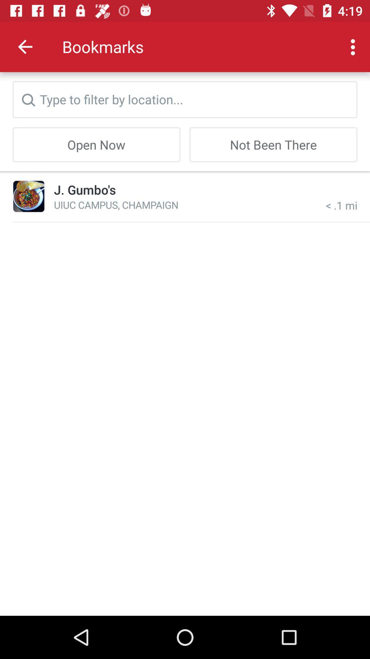 This screenshot has width=370, height=659. Describe the element at coordinates (28, 196) in the screenshot. I see `the item next to j. gumbo's icon` at that location.